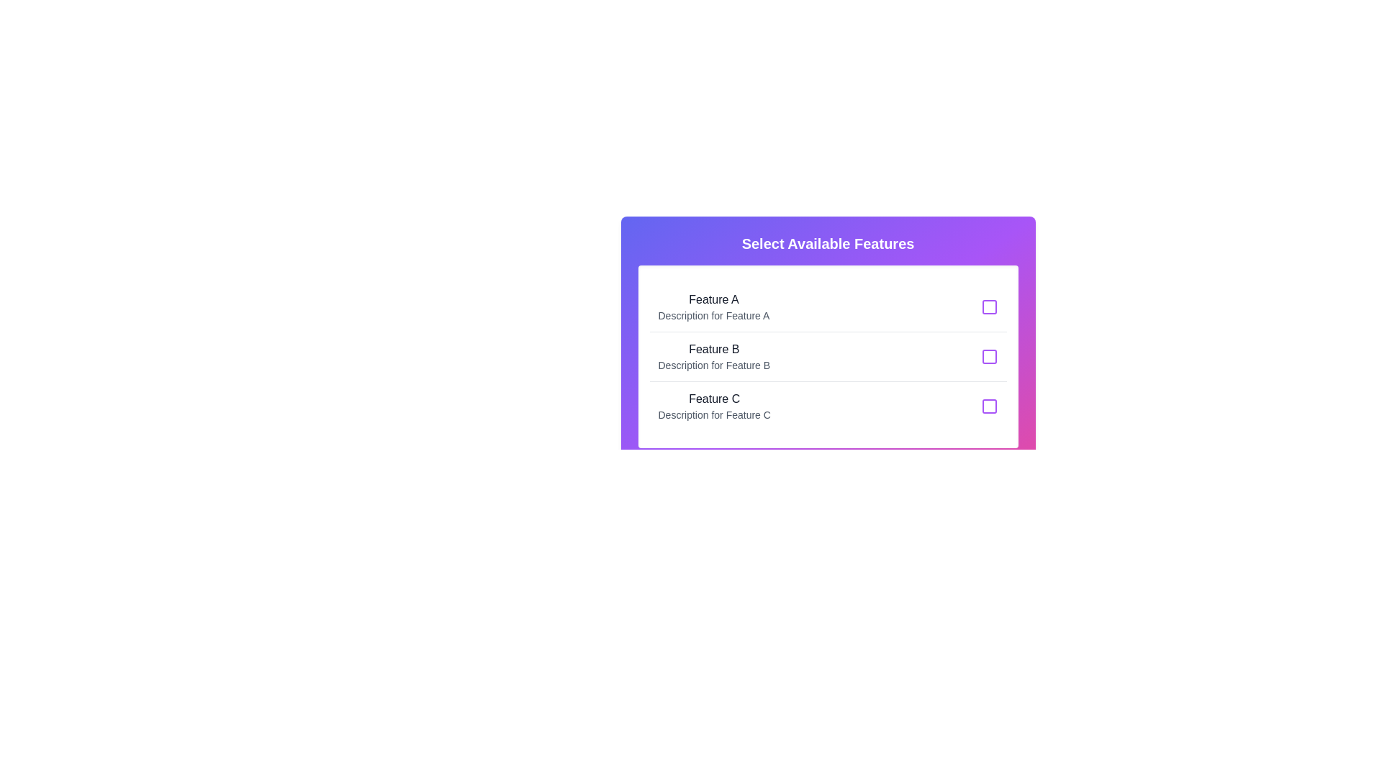 Image resolution: width=1382 pixels, height=777 pixels. What do you see at coordinates (713, 306) in the screenshot?
I see `the Informational text block displaying the title 'Feature A' with the subtitle 'Description for Feature A' located under the header 'Select Available Features'` at bounding box center [713, 306].